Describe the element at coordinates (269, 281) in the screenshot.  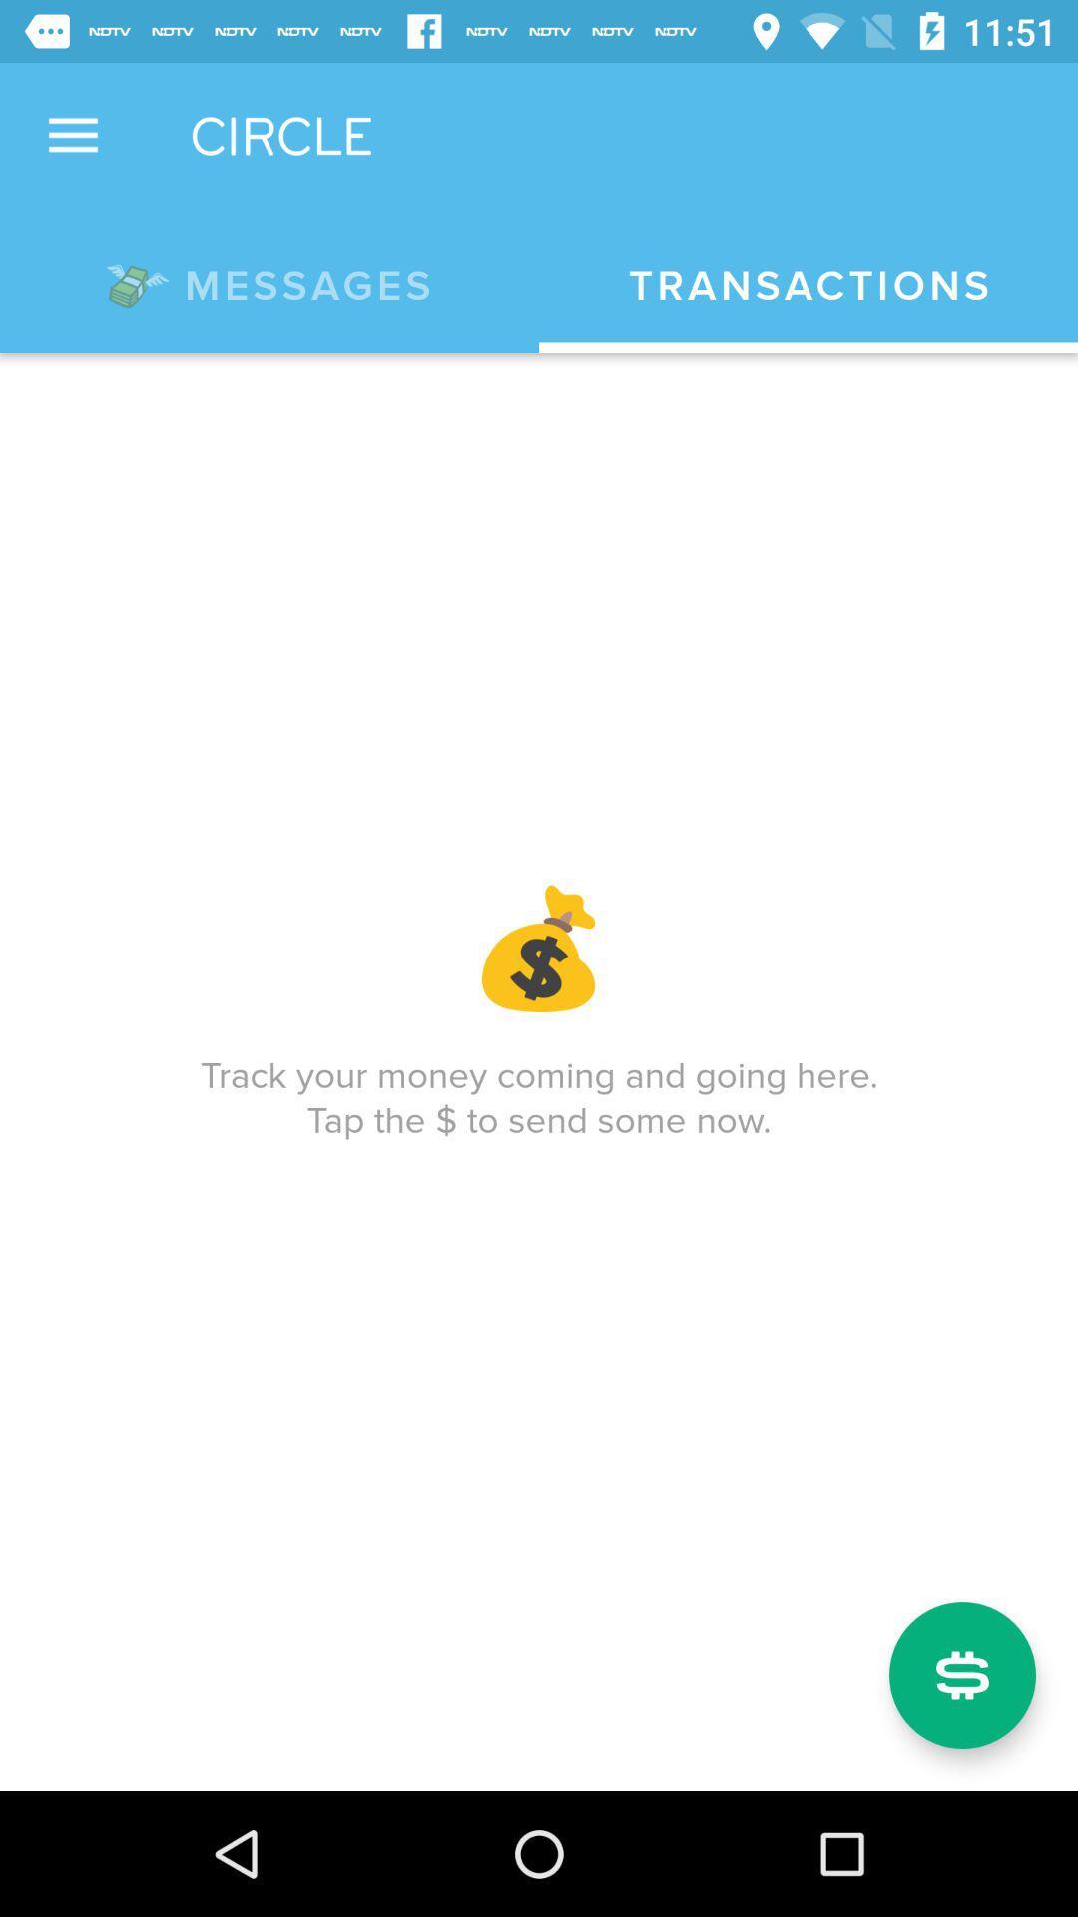
I see `icon next to transactions icon` at that location.